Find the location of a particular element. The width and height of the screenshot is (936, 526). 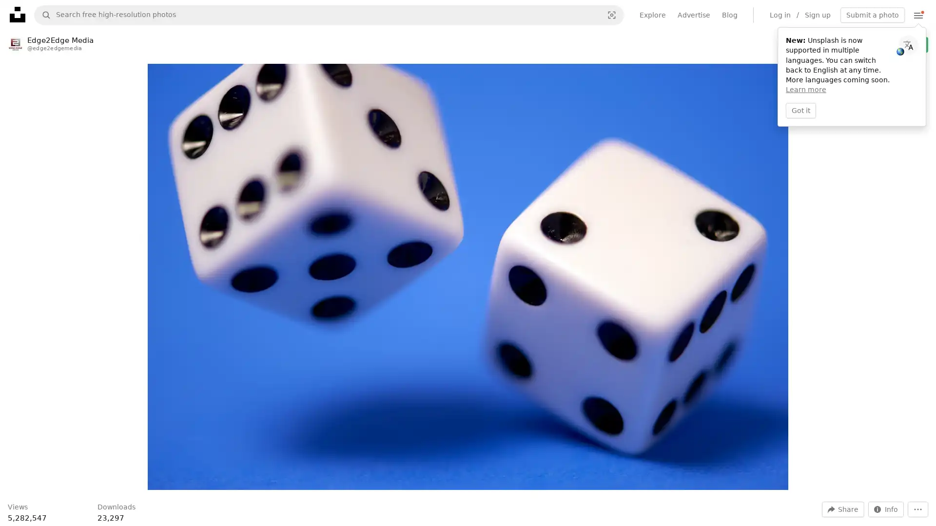

Submita photo is located at coordinates (873, 15).